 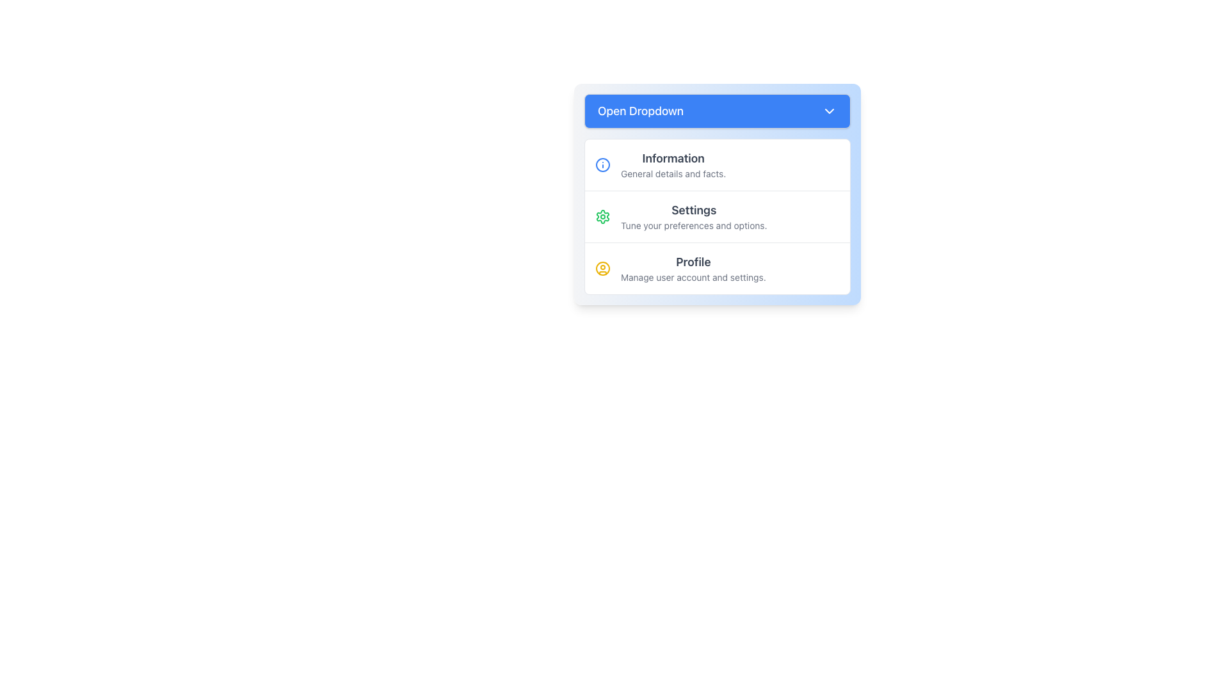 I want to click on the icon located to the right of the blue 'Open Dropdown' button, so click(x=830, y=110).